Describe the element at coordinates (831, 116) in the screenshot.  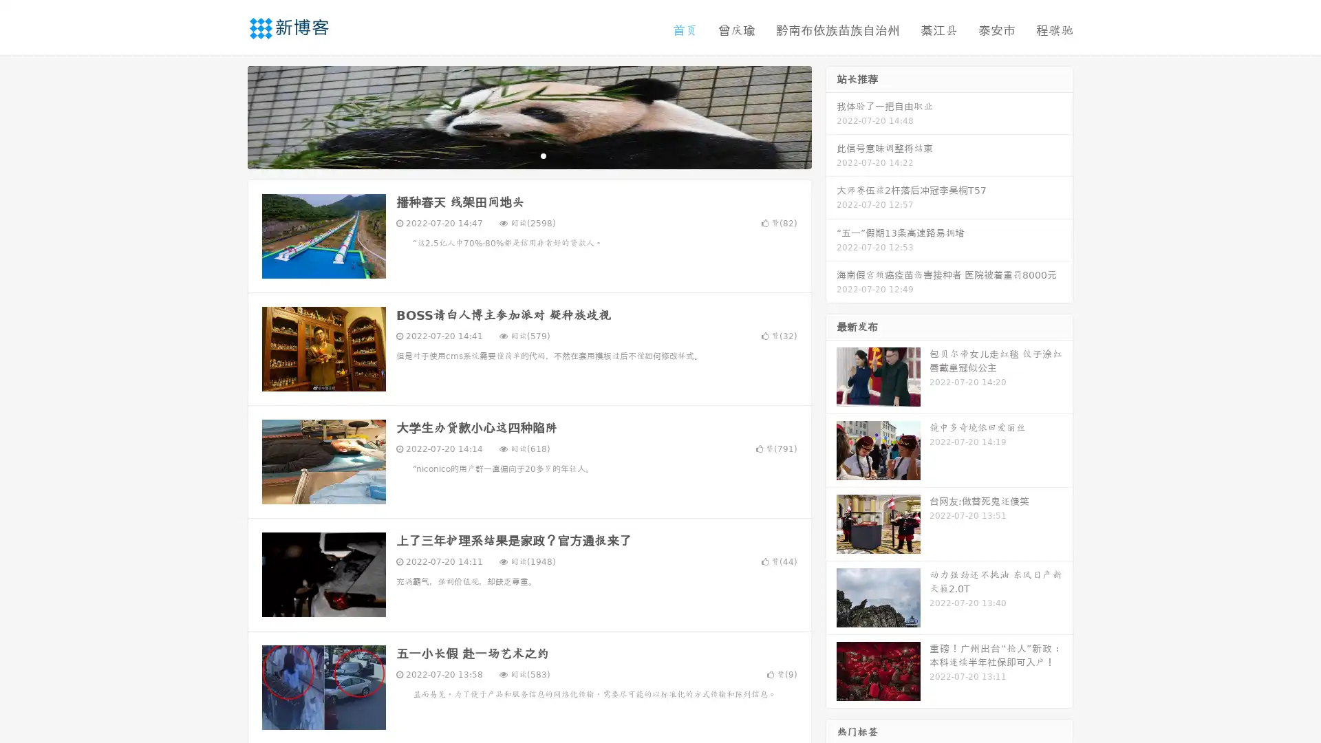
I see `Next slide` at that location.